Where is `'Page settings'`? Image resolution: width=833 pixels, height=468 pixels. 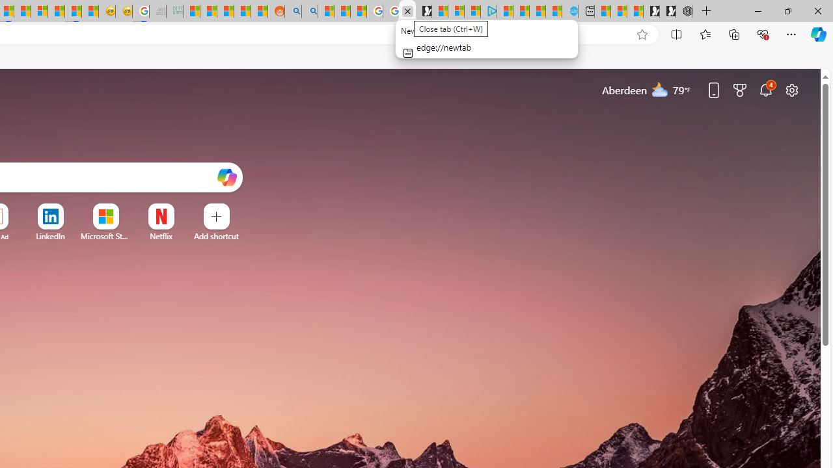
'Page settings' is located at coordinates (791, 89).